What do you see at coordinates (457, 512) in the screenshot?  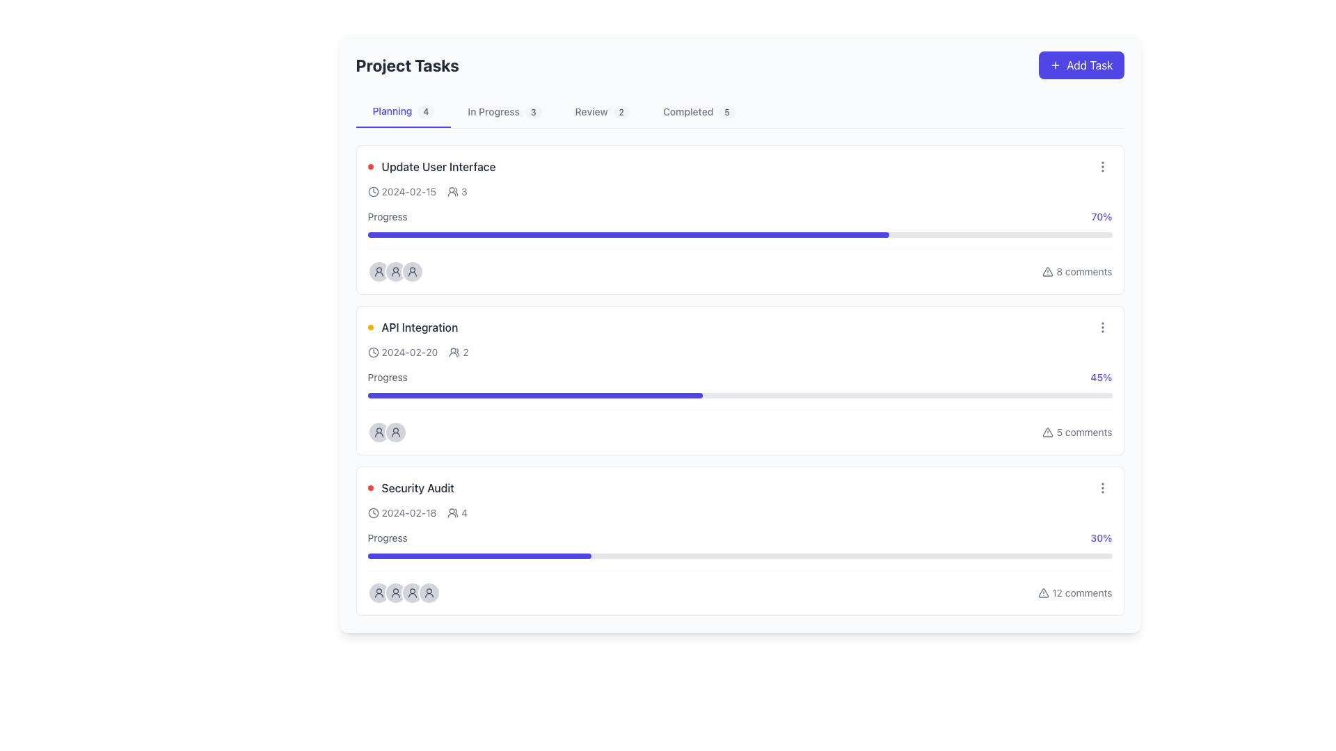 I see `the label indicating the number of users or participants associated with the 'Security Audit' task, located to the right of the timestamp '2024-02-18'` at bounding box center [457, 512].